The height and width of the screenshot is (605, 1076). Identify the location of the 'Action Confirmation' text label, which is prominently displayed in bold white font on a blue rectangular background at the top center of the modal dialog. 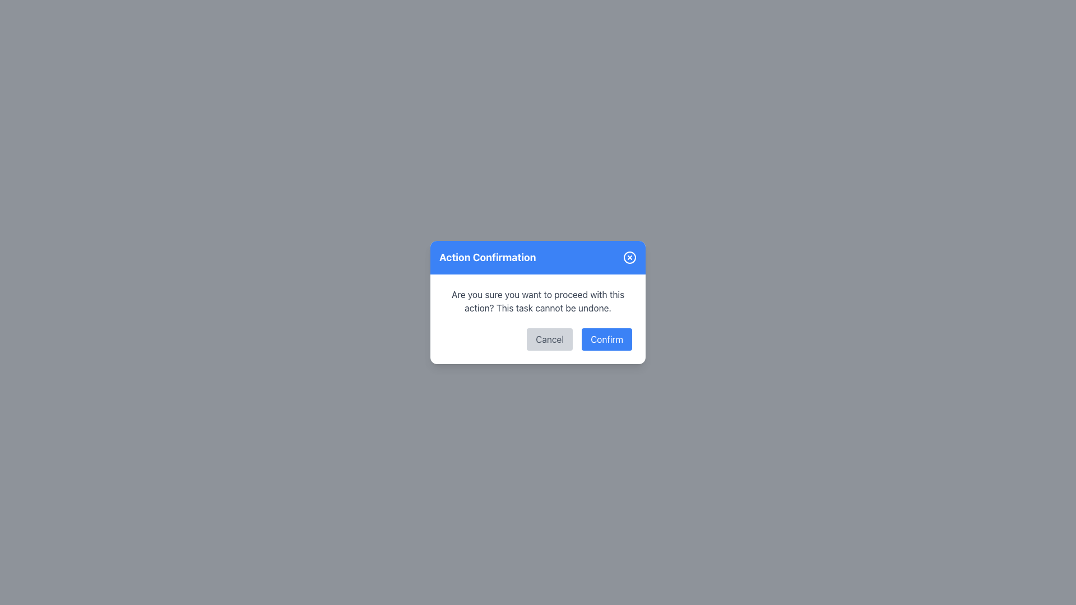
(488, 257).